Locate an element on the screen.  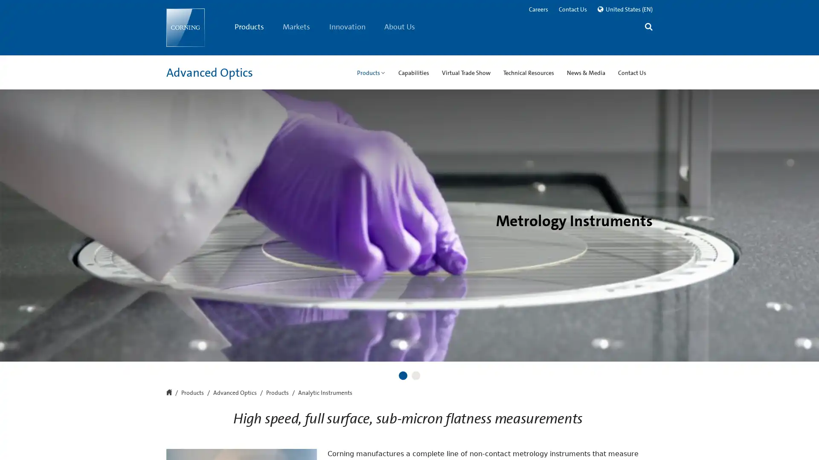
Do Not Sell My Personal Information is located at coordinates (597, 441).